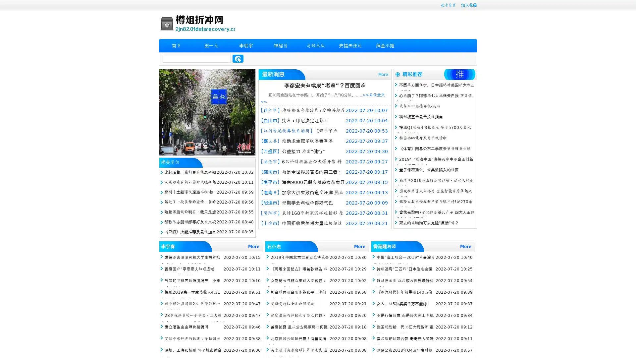 The width and height of the screenshot is (636, 358). What do you see at coordinates (238, 58) in the screenshot?
I see `Search` at bounding box center [238, 58].